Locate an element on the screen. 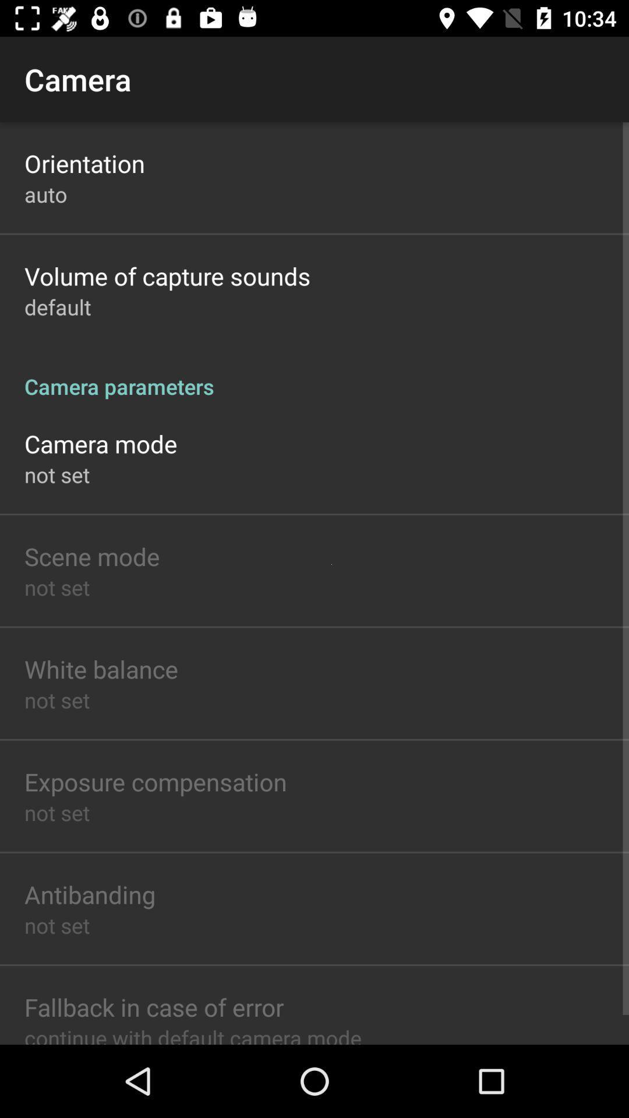  the camera parameters icon is located at coordinates (314, 374).